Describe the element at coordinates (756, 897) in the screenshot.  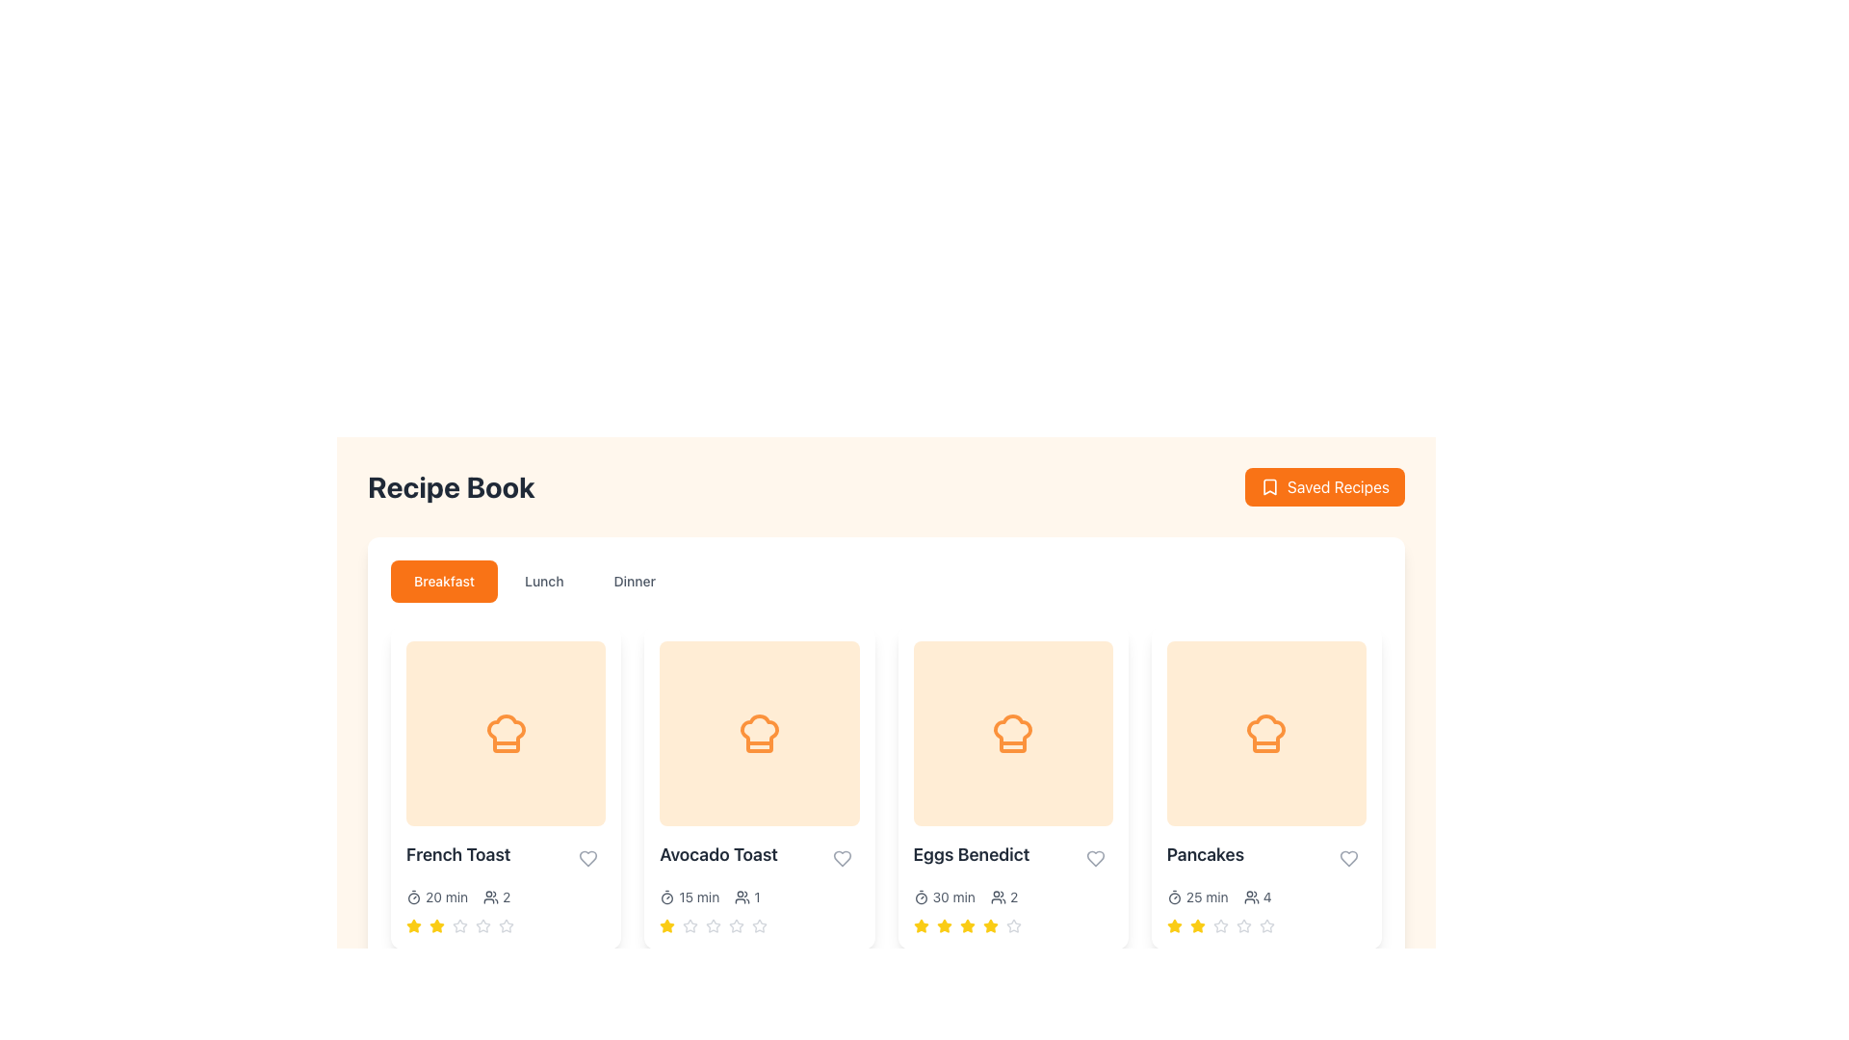
I see `the static text label indicating the count of individuals related to the 'Avocado Toast' recipe, located at the right of the user icon in the card` at that location.